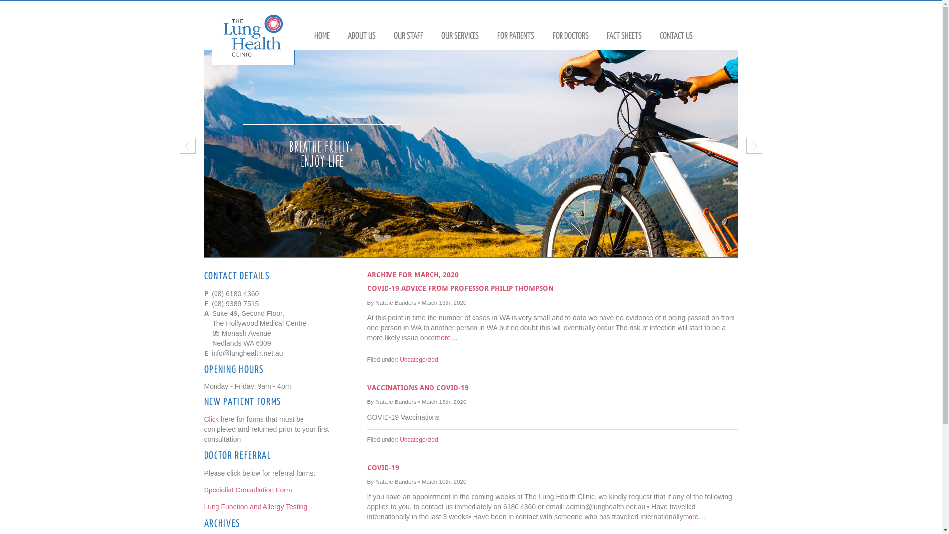  What do you see at coordinates (322, 36) in the screenshot?
I see `'HOME'` at bounding box center [322, 36].